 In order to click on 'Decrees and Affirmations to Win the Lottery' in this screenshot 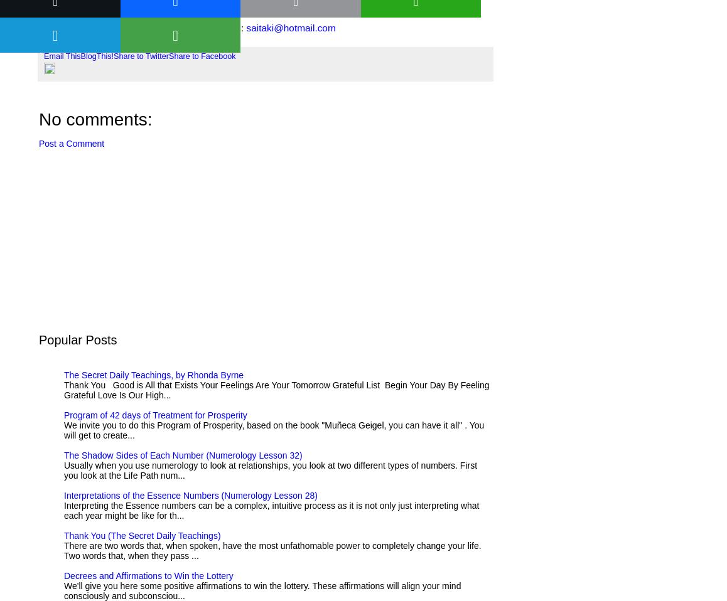, I will do `click(148, 575)`.